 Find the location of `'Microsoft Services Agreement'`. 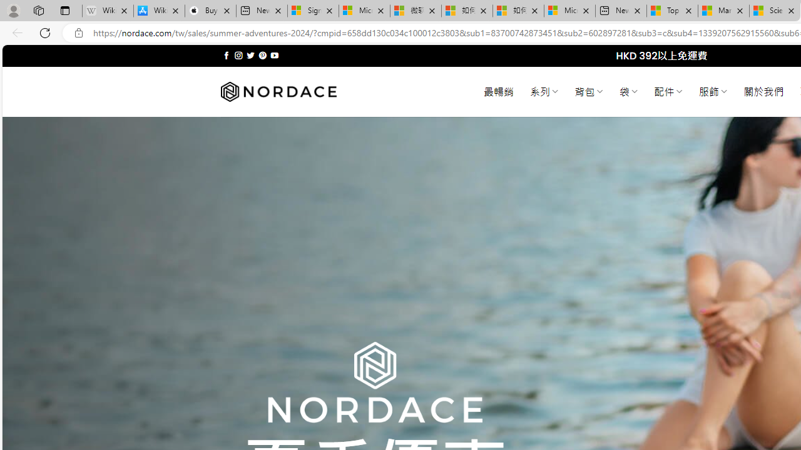

'Microsoft Services Agreement' is located at coordinates (364, 11).